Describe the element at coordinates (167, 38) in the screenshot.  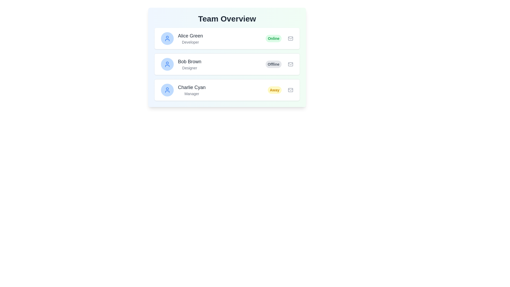
I see `the user silhouette icon with a blue outline located near the left side of the first row marked with 'Alice Green'` at that location.